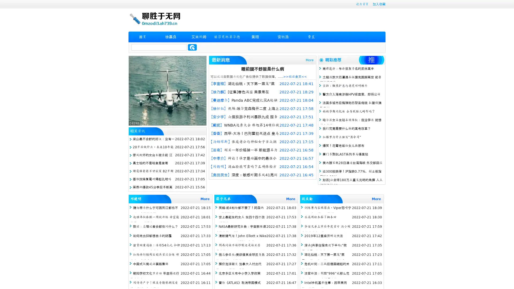  Describe the element at coordinates (192, 47) in the screenshot. I see `Search` at that location.